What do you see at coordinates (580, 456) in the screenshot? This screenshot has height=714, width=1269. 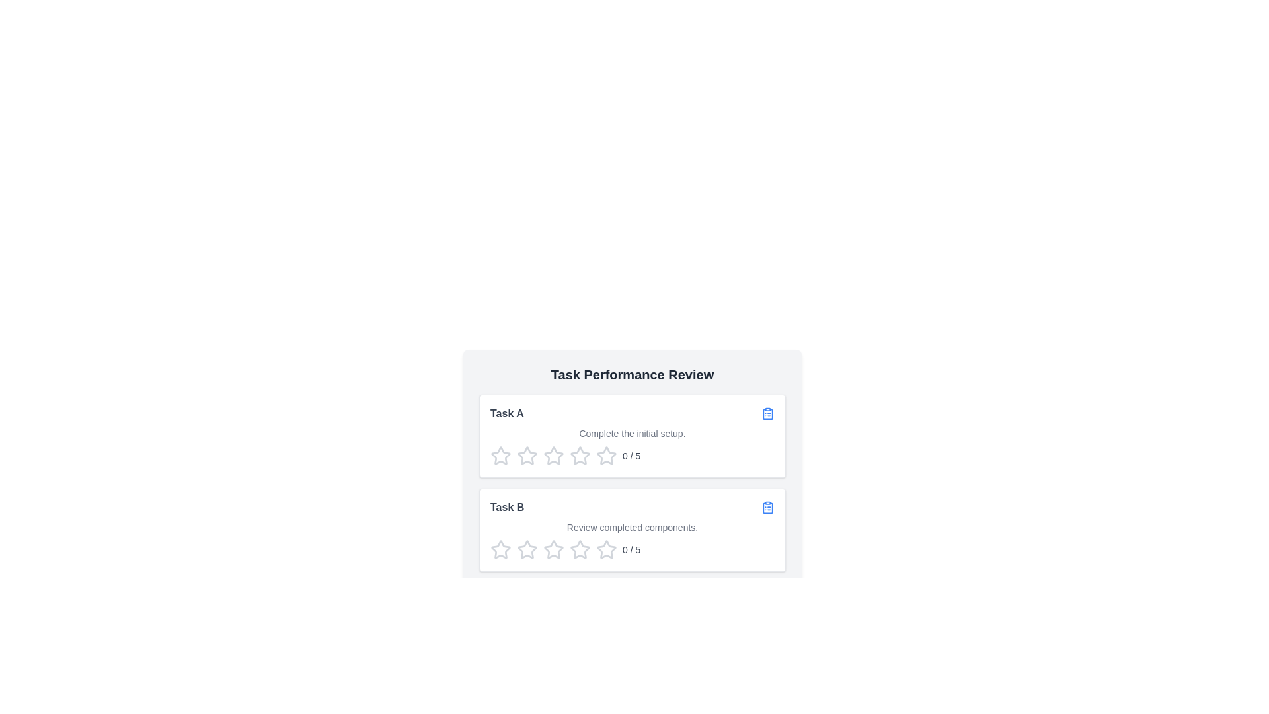 I see `the fourth star in the rating system under 'Task Performance Review'` at bounding box center [580, 456].